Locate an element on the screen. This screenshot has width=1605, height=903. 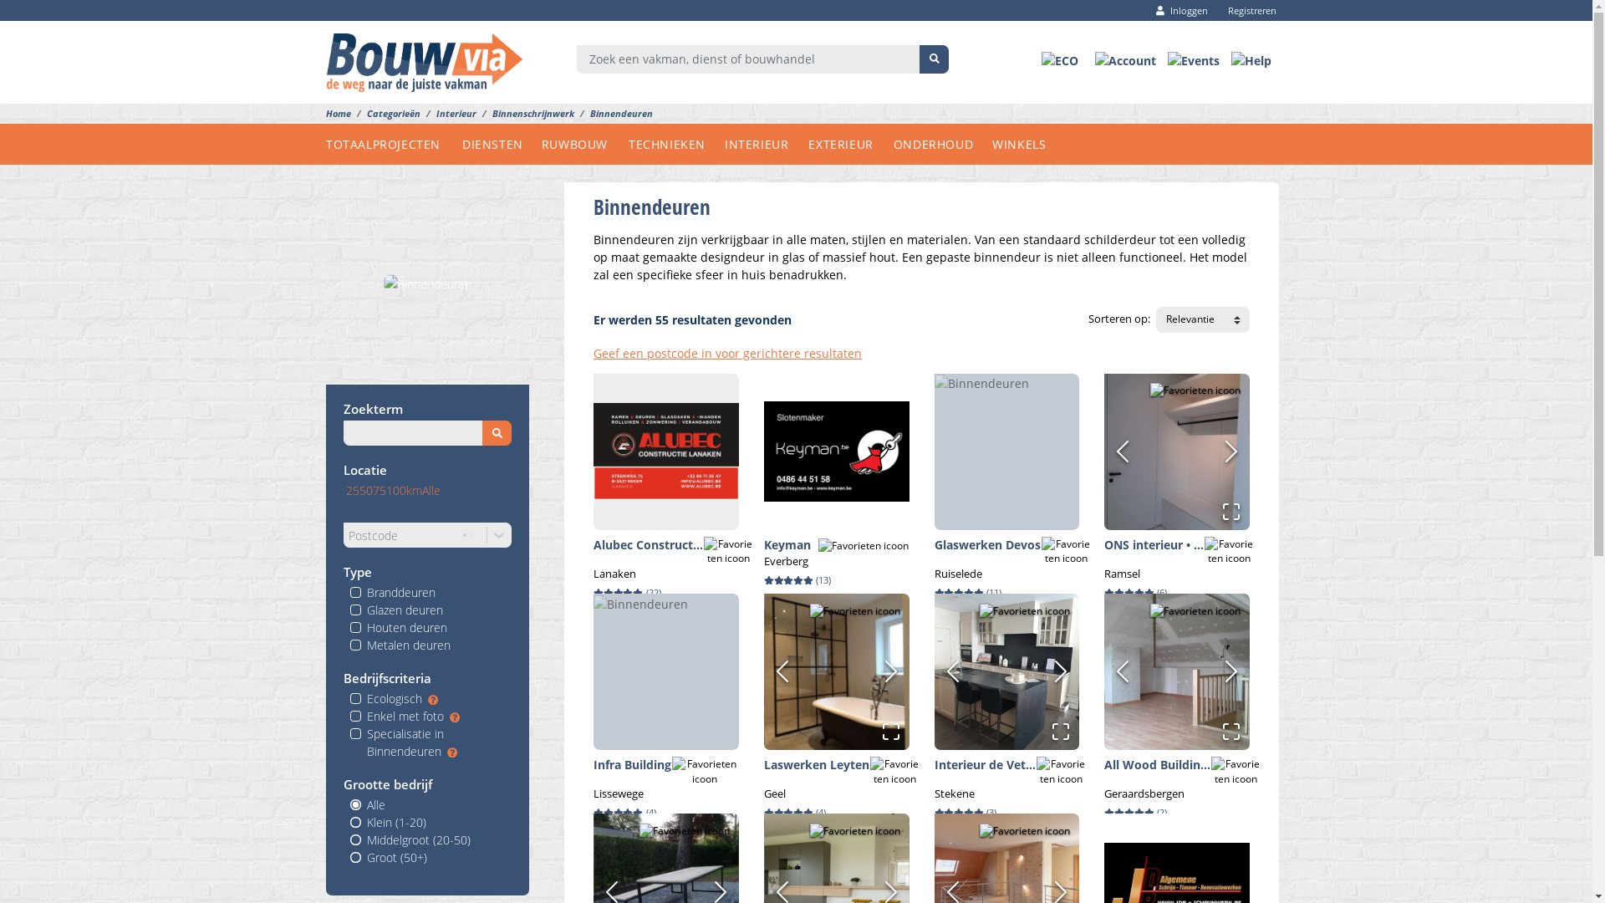
'INTERIEUR' is located at coordinates (765, 143).